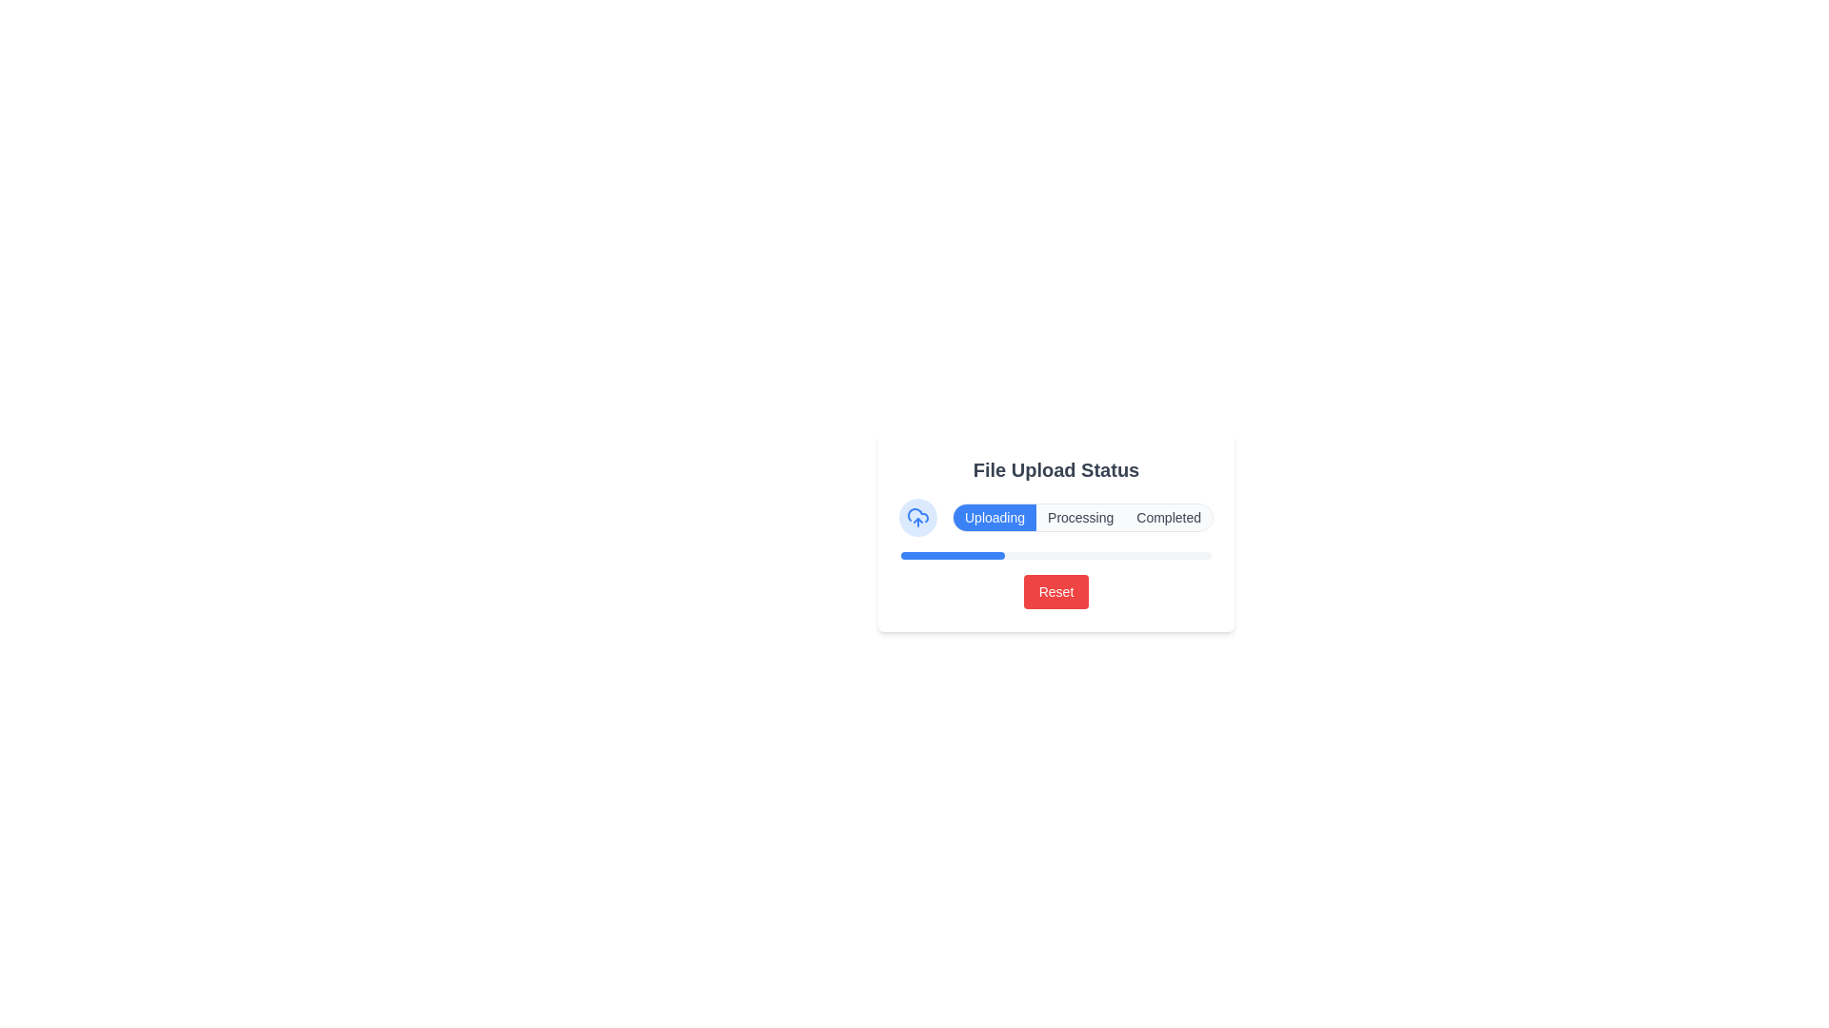 The width and height of the screenshot is (1829, 1028). What do you see at coordinates (918, 517) in the screenshot?
I see `the file upload icon located within a circular background to the left of the 'Uploading' button` at bounding box center [918, 517].